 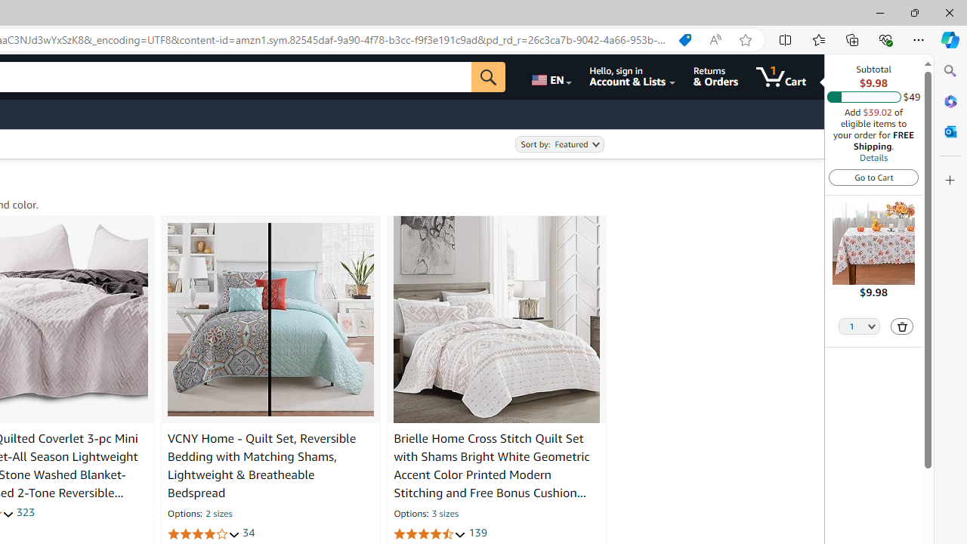 I want to click on '2 sizes', so click(x=218, y=514).